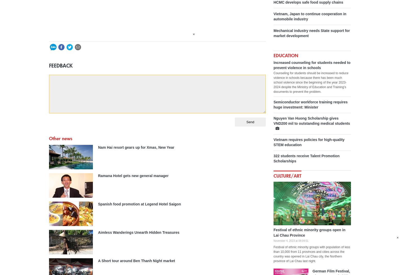 The image size is (400, 275). Describe the element at coordinates (60, 138) in the screenshot. I see `'Other news'` at that location.